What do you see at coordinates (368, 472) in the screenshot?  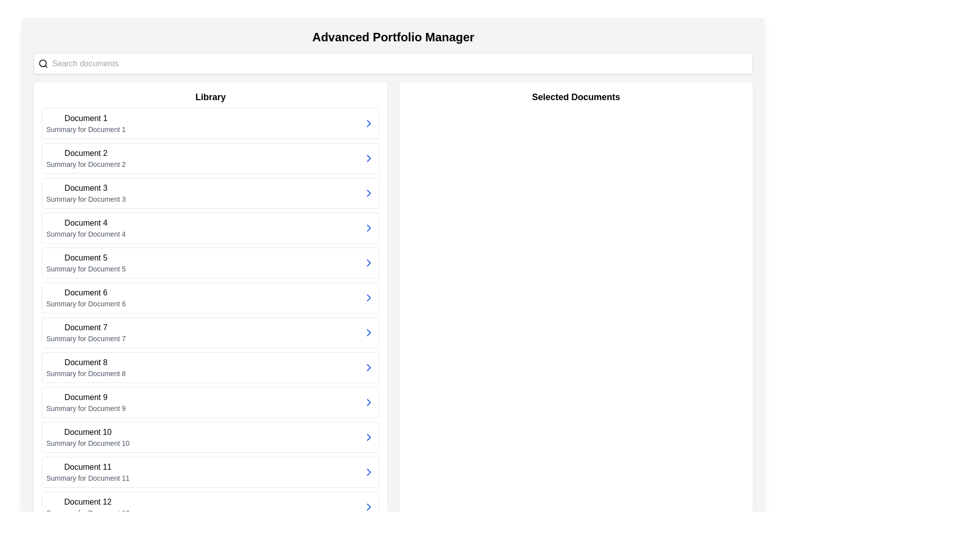 I see `the small blue chevron arrow icon on the far-right side of the row labeled 'Document 11 Summary for Document 11'` at bounding box center [368, 472].